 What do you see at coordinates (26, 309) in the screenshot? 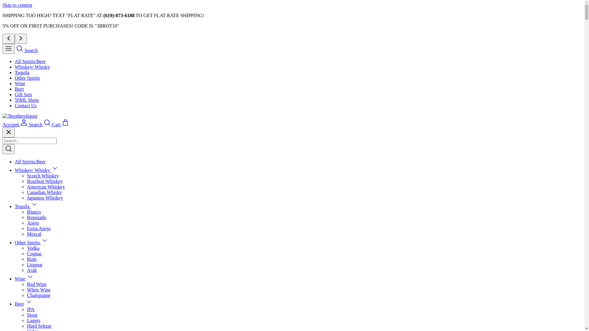
I see `'IPA'` at bounding box center [26, 309].